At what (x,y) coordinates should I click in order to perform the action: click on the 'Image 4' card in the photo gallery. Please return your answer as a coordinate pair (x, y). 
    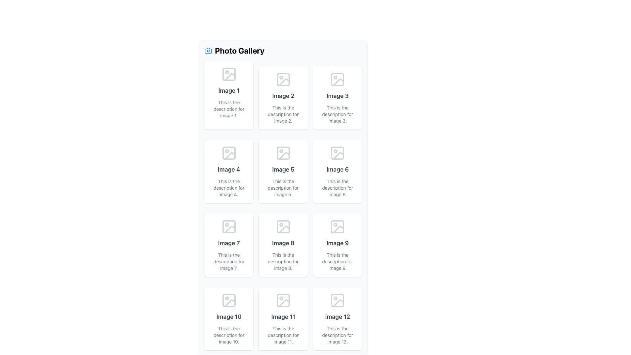
    Looking at the image, I should click on (229, 171).